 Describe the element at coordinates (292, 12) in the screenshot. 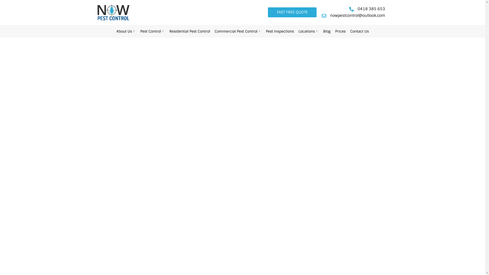

I see `'FAST FREE QUOTE'` at that location.